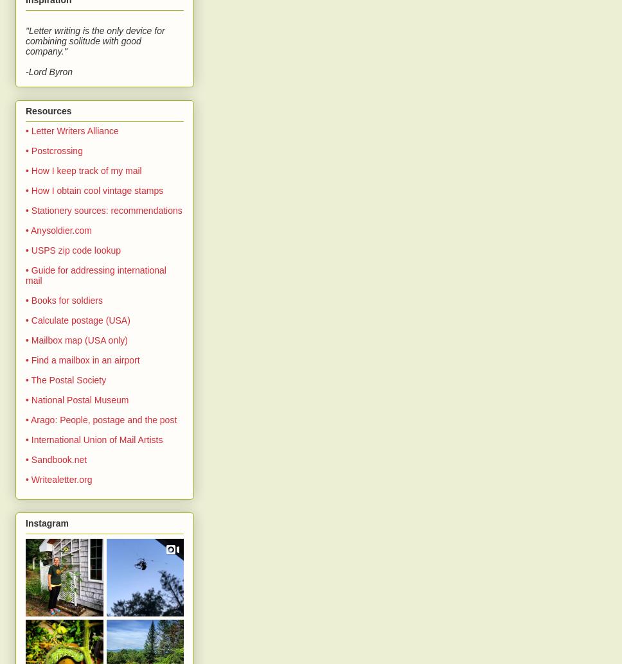 The width and height of the screenshot is (622, 664). Describe the element at coordinates (76, 339) in the screenshot. I see `'• Mailbox map (USA only)'` at that location.